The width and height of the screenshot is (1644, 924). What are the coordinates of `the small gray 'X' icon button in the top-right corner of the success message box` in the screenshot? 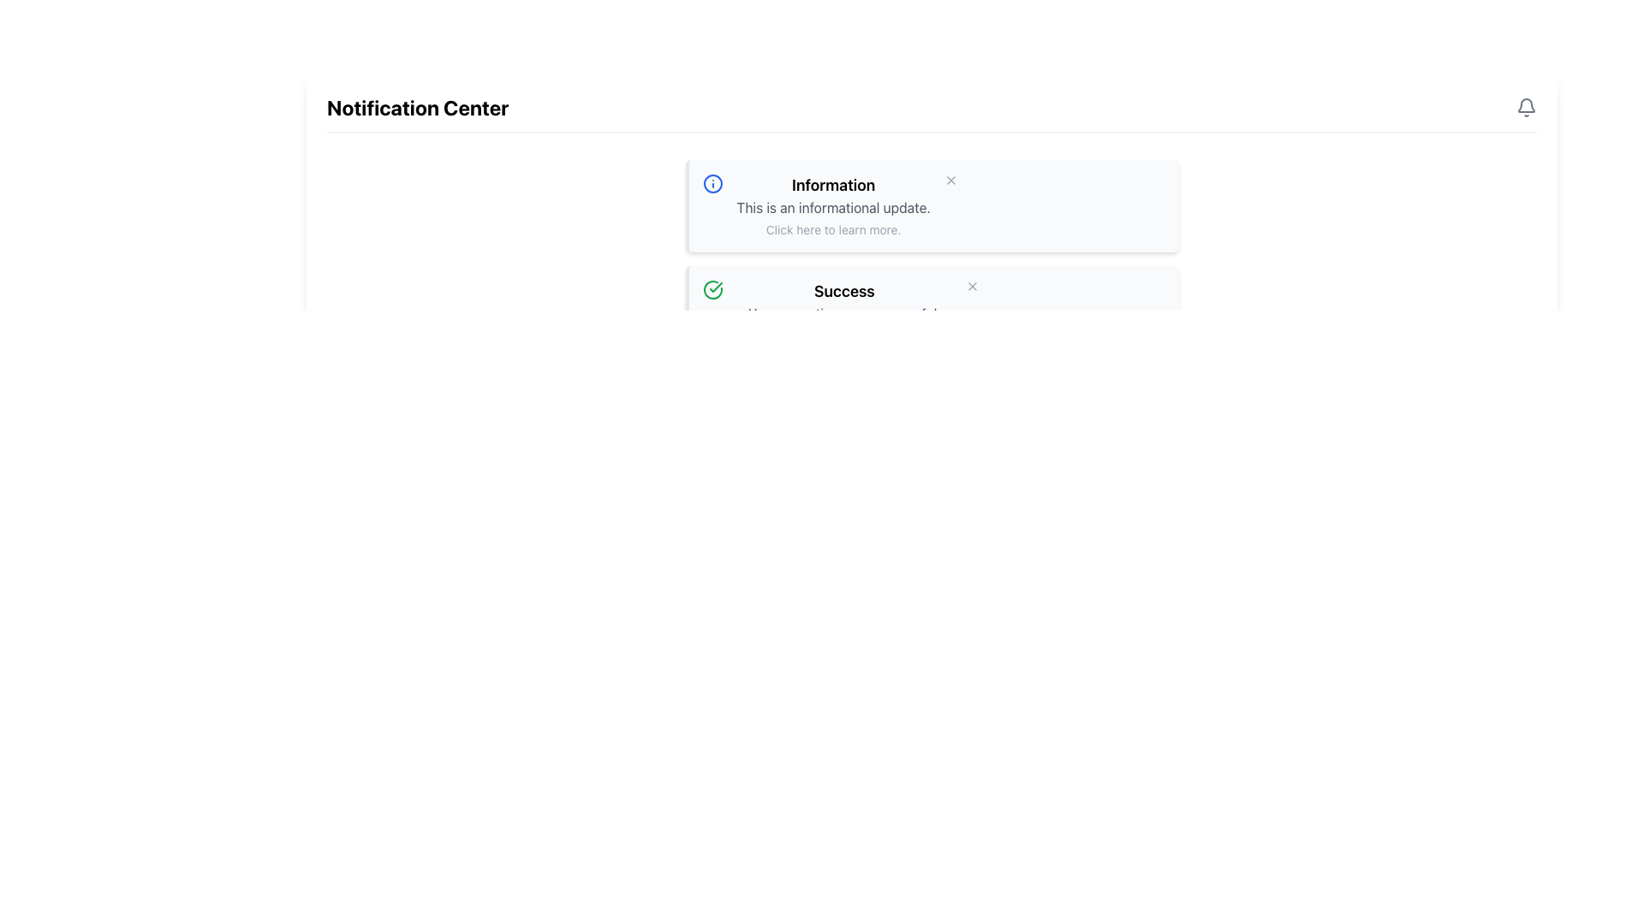 It's located at (973, 286).